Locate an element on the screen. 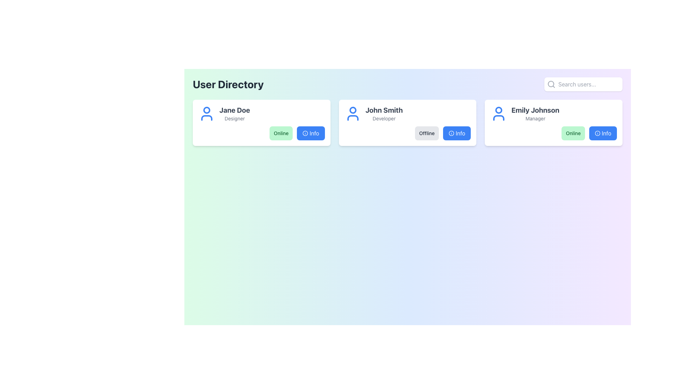 The height and width of the screenshot is (378, 673). the text label that describes the professional designation of 'John Smith', located at the top-right corner of his profile card, beneath the 'John Smith' text is located at coordinates (383, 118).